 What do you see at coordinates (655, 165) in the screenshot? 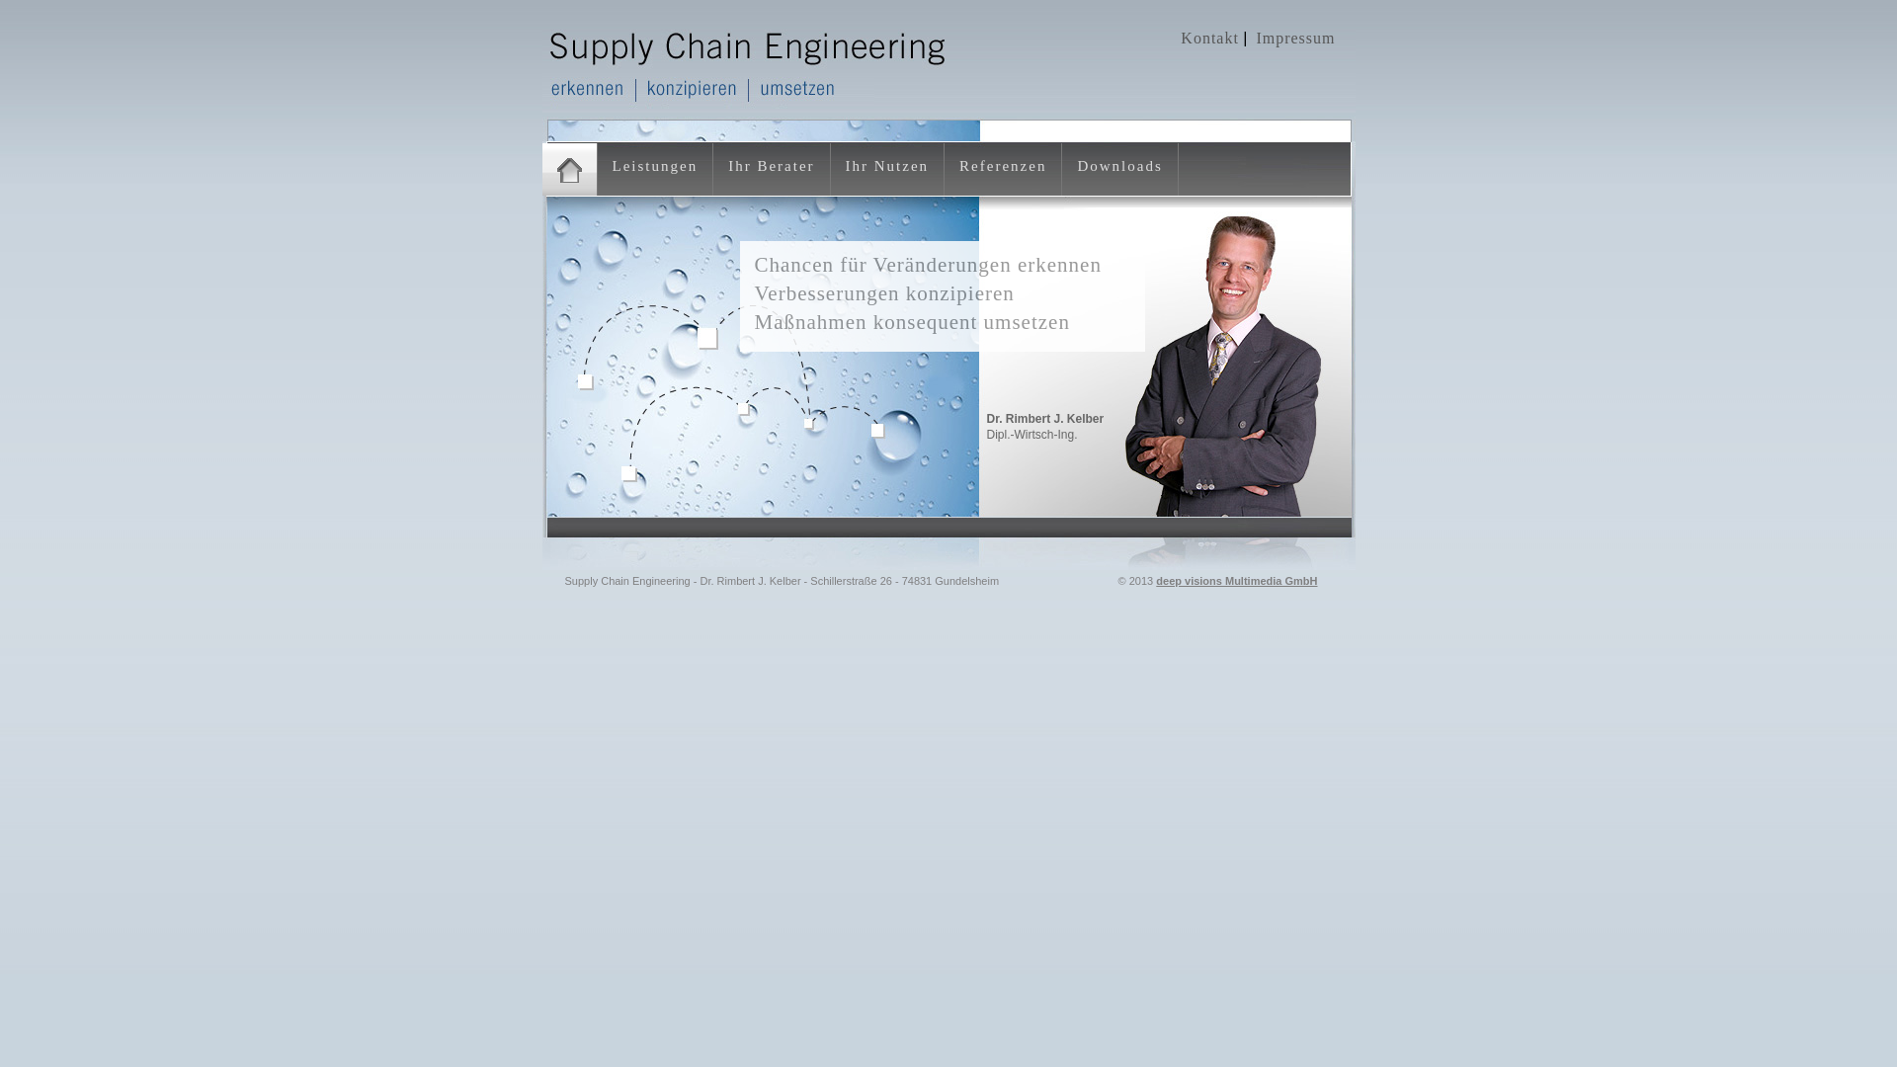
I see `'Leistungen'` at bounding box center [655, 165].